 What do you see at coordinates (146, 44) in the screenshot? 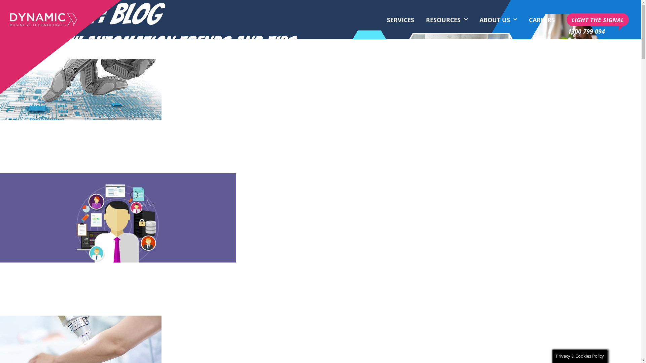
I see `'WORKFLOW AUTOMATION TRENDS AND TIPS'` at bounding box center [146, 44].